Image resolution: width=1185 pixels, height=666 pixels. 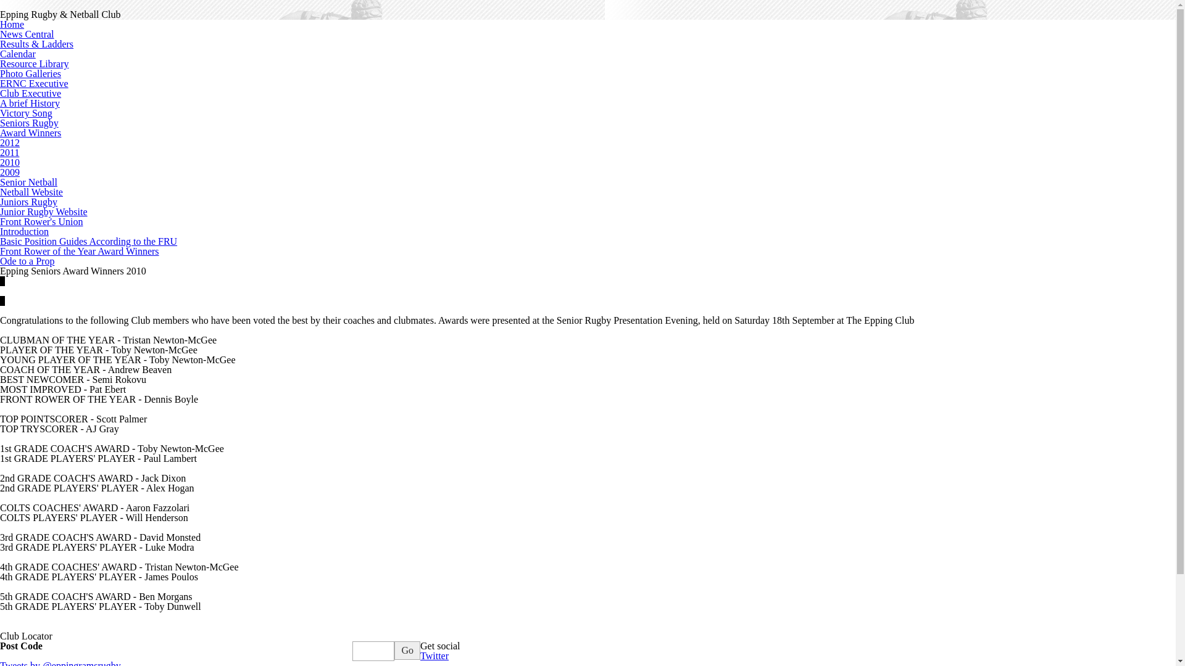 I want to click on 'Home', so click(x=12, y=24).